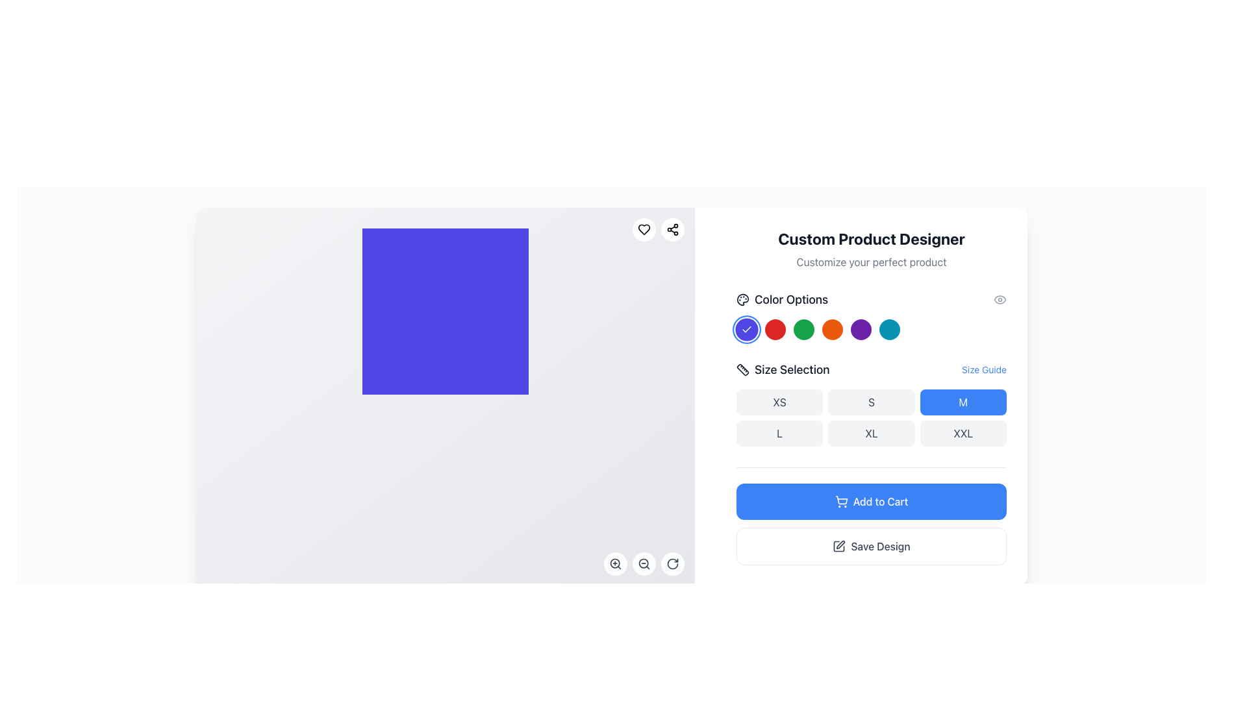 The width and height of the screenshot is (1247, 701). Describe the element at coordinates (779, 402) in the screenshot. I see `the 'XS' button, which is a rounded rectangular button with a light gray background and the text 'XS' in dark gray, located in the 'Size Selection' section of the grid layout` at that location.